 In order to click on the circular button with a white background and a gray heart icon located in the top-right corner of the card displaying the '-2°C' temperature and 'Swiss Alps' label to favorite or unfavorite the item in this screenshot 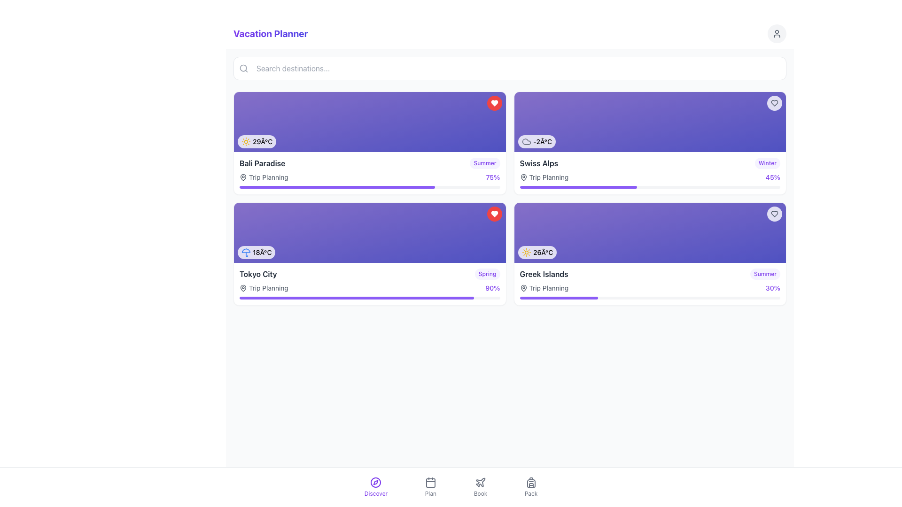, I will do `click(775, 103)`.